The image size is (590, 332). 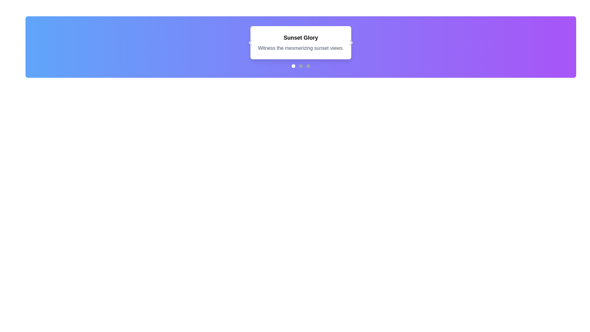 What do you see at coordinates (301, 42) in the screenshot?
I see `the Informational Display Card that has a white background with bold black text 'Sunset Glory' and gray text below it, located at the upper-middle of the viewport` at bounding box center [301, 42].